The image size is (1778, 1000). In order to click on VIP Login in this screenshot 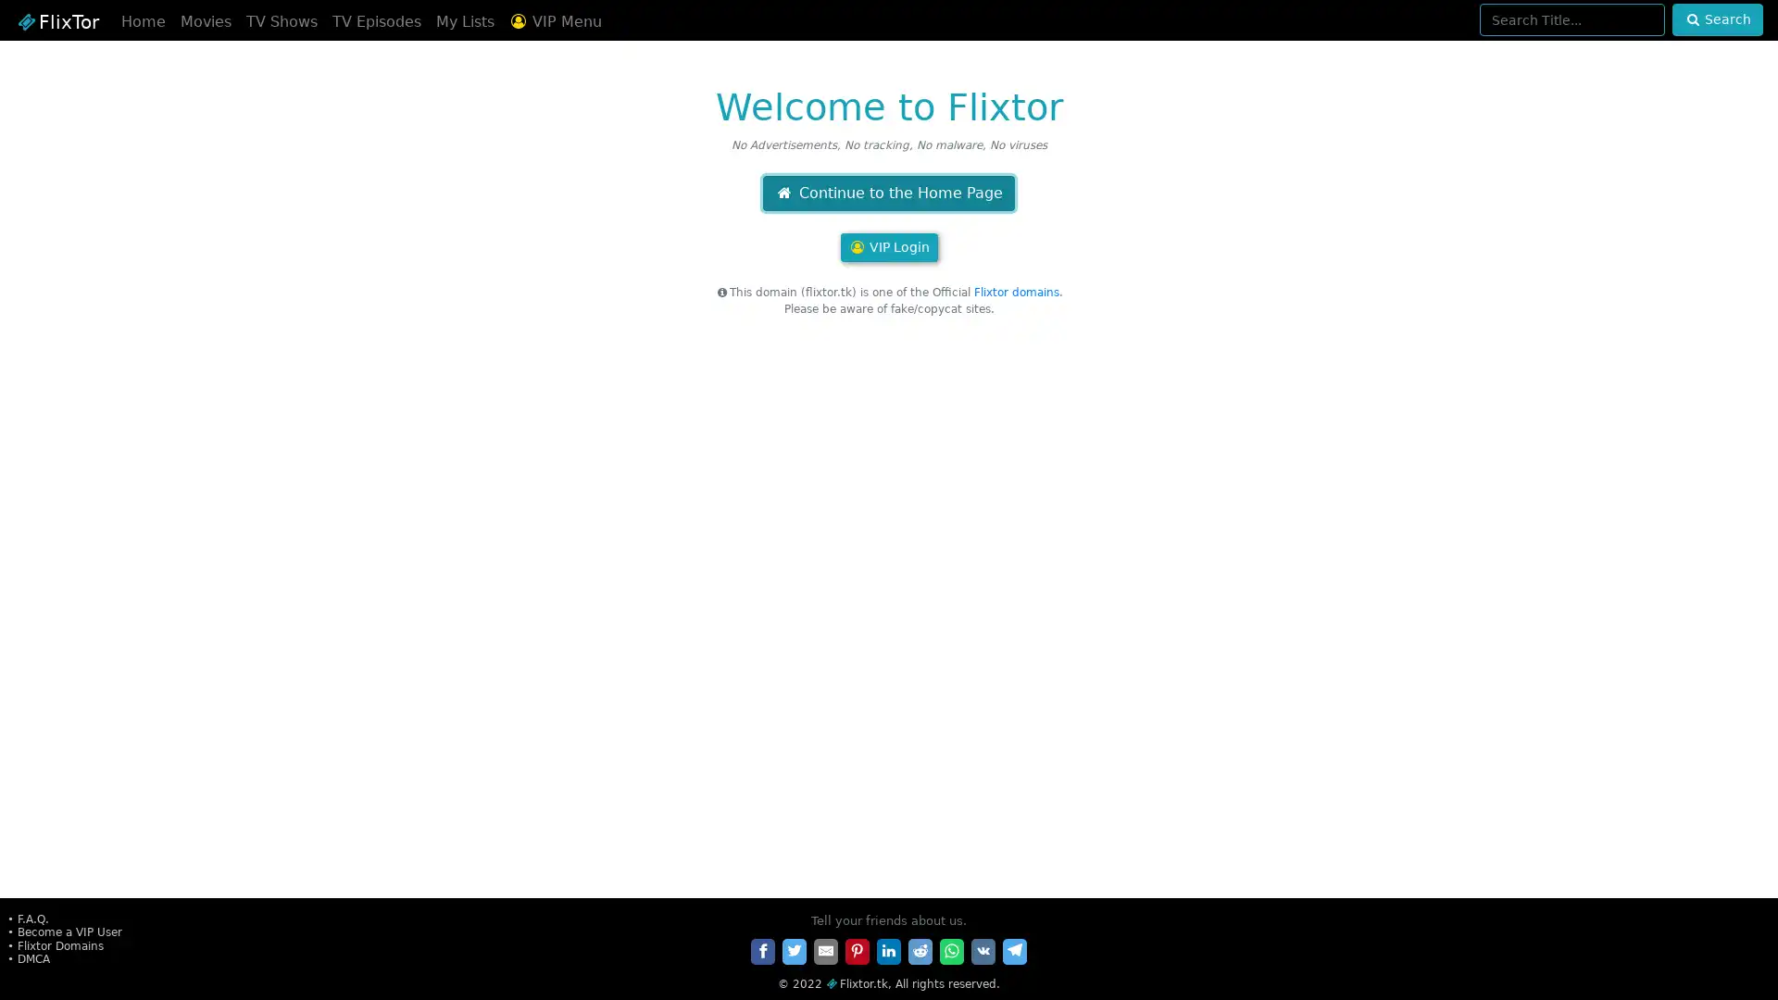, I will do `click(887, 246)`.